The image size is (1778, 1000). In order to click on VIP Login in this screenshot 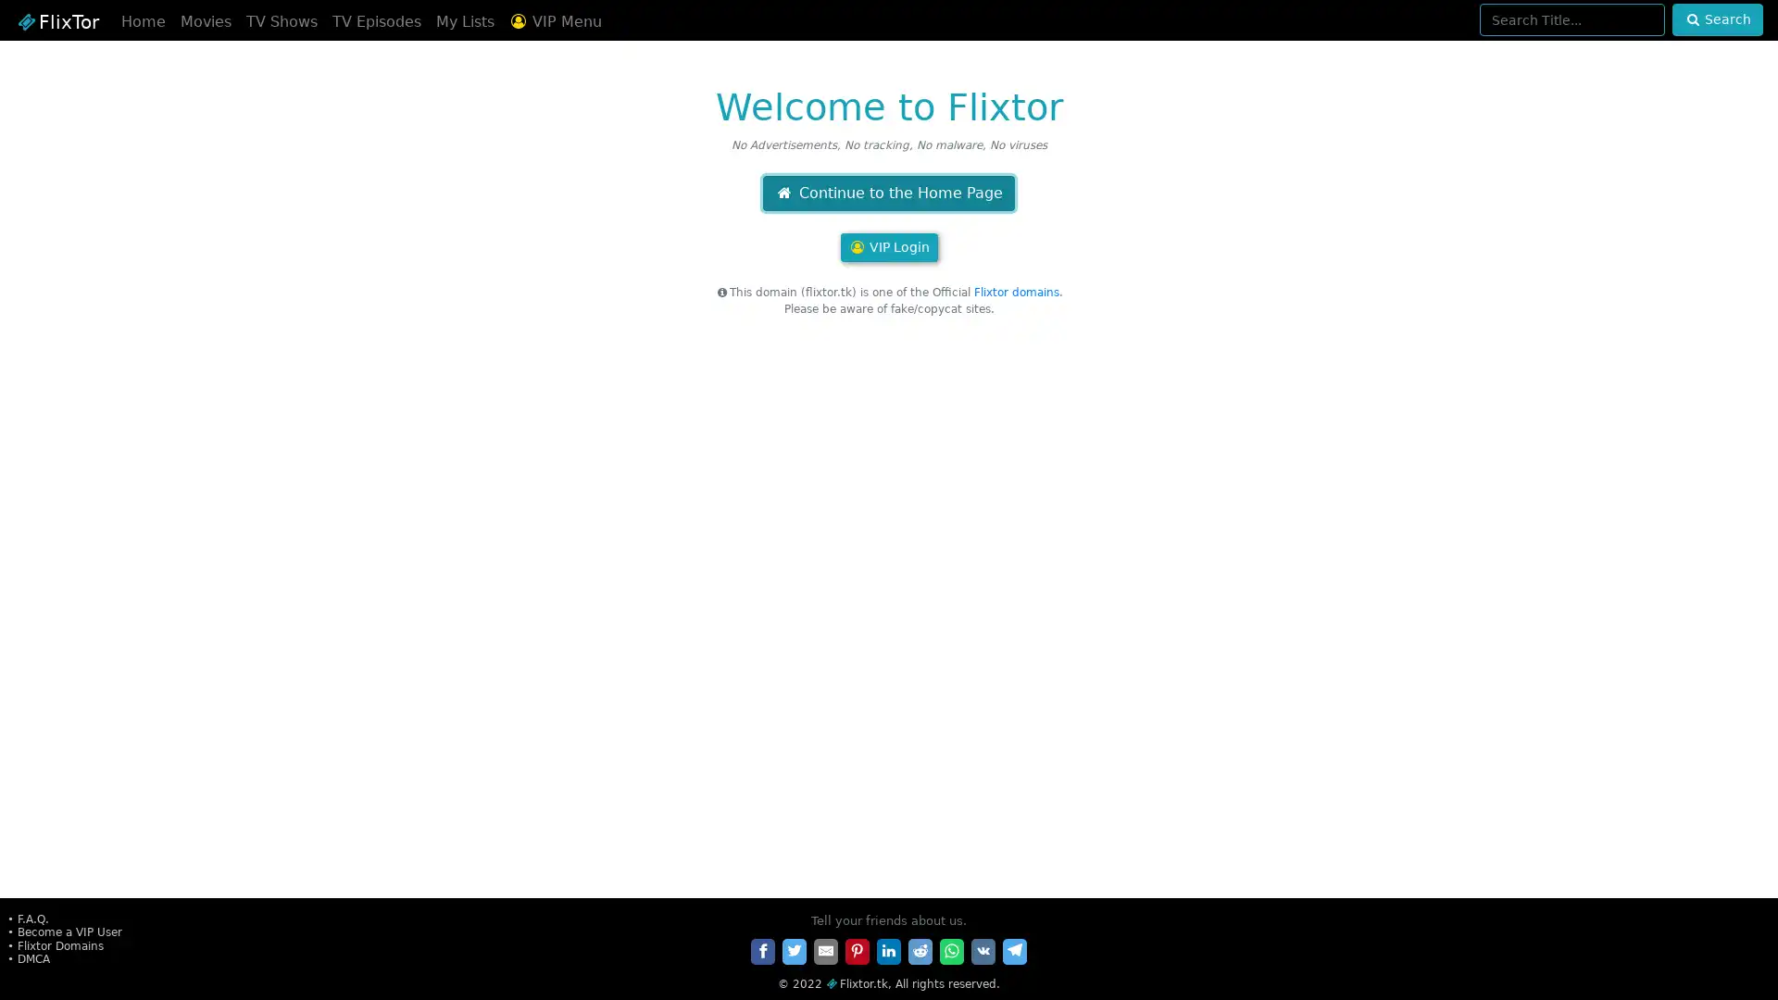, I will do `click(887, 246)`.